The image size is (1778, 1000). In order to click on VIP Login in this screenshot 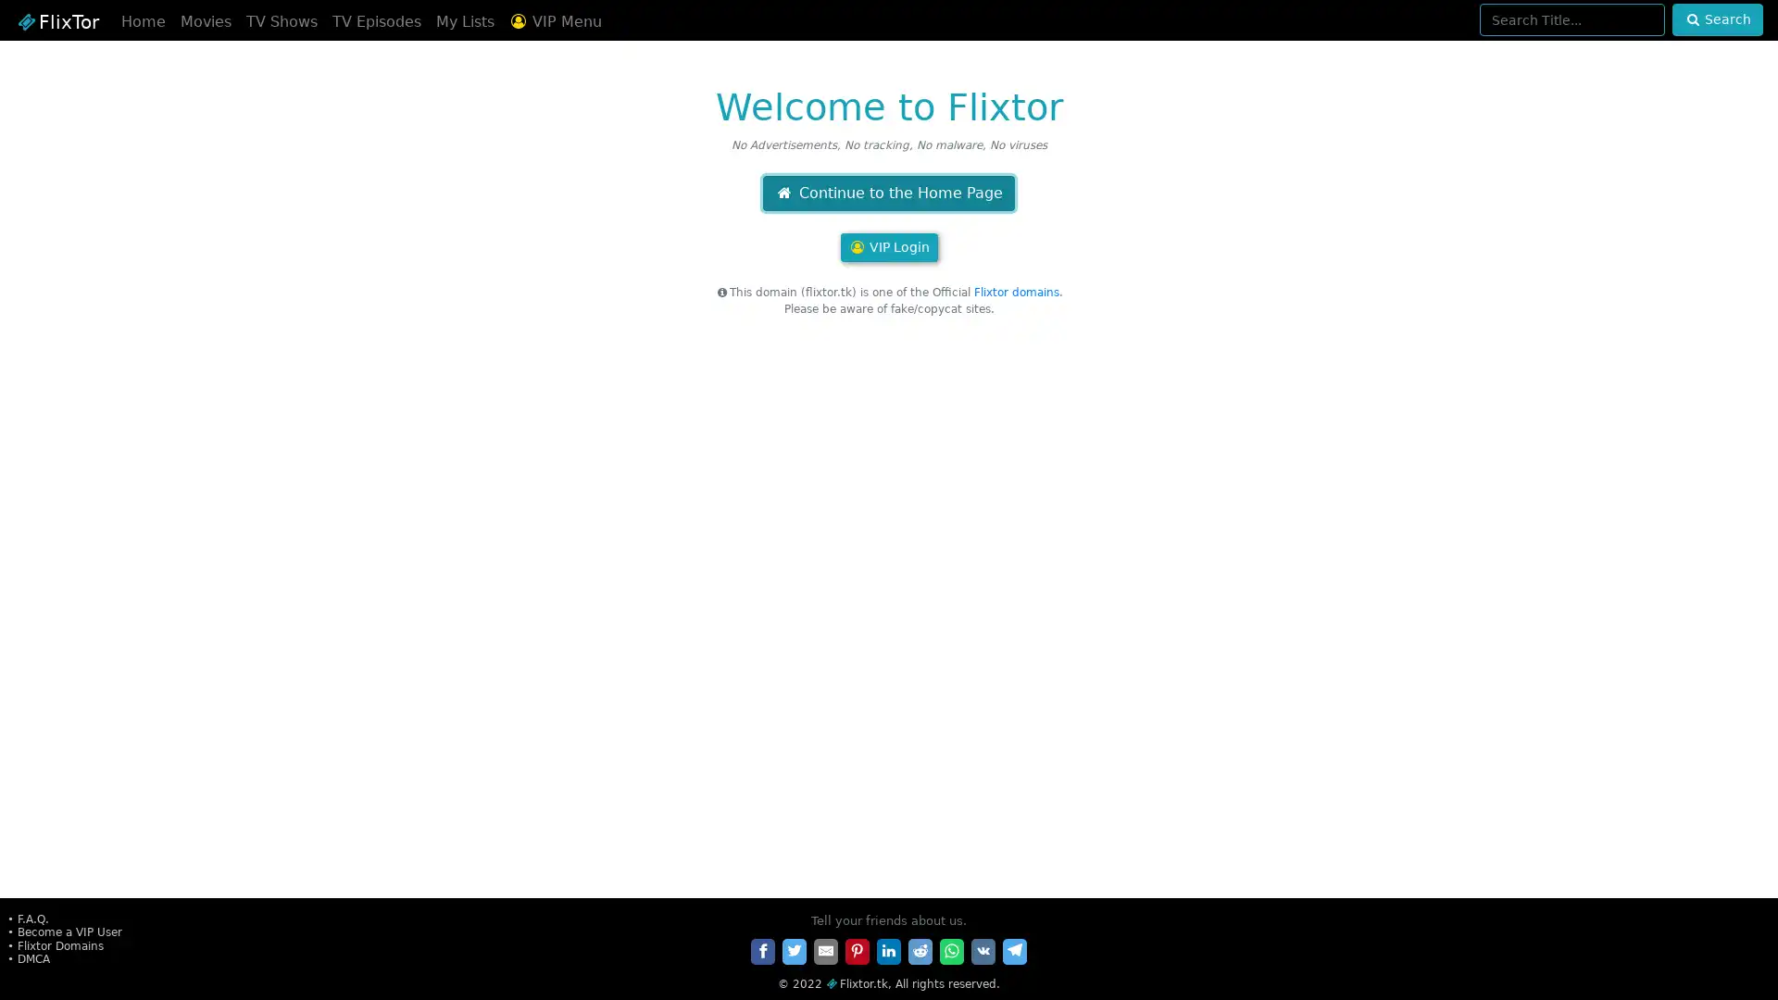, I will do `click(887, 246)`.